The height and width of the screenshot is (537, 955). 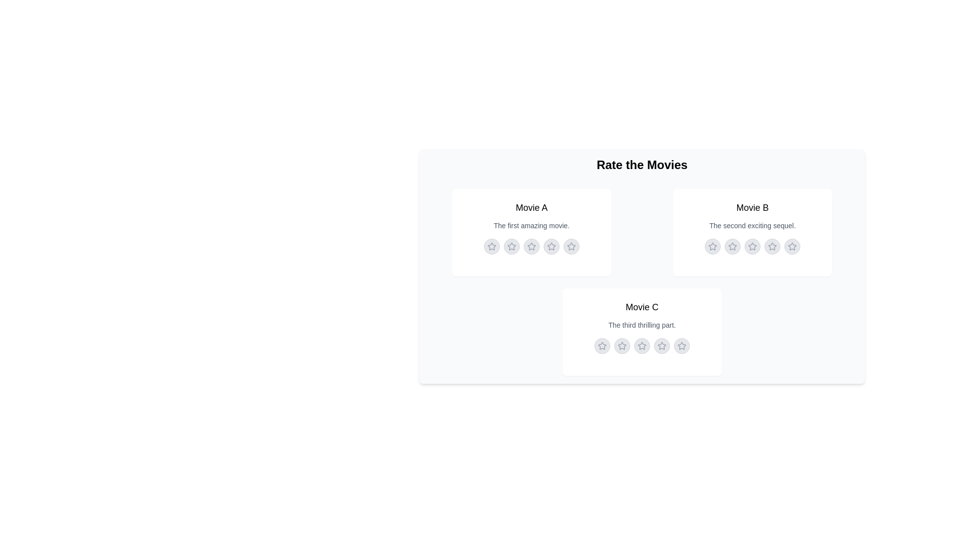 I want to click on the fifth star icon, which is a gray outlined star with no fill, located under 'Movie C', so click(x=681, y=345).